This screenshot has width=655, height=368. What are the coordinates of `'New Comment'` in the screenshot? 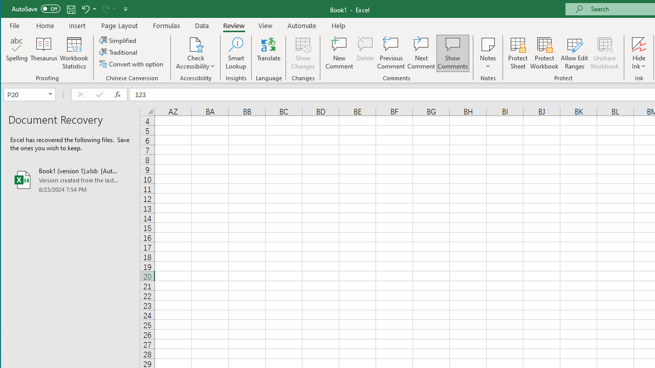 It's located at (339, 53).